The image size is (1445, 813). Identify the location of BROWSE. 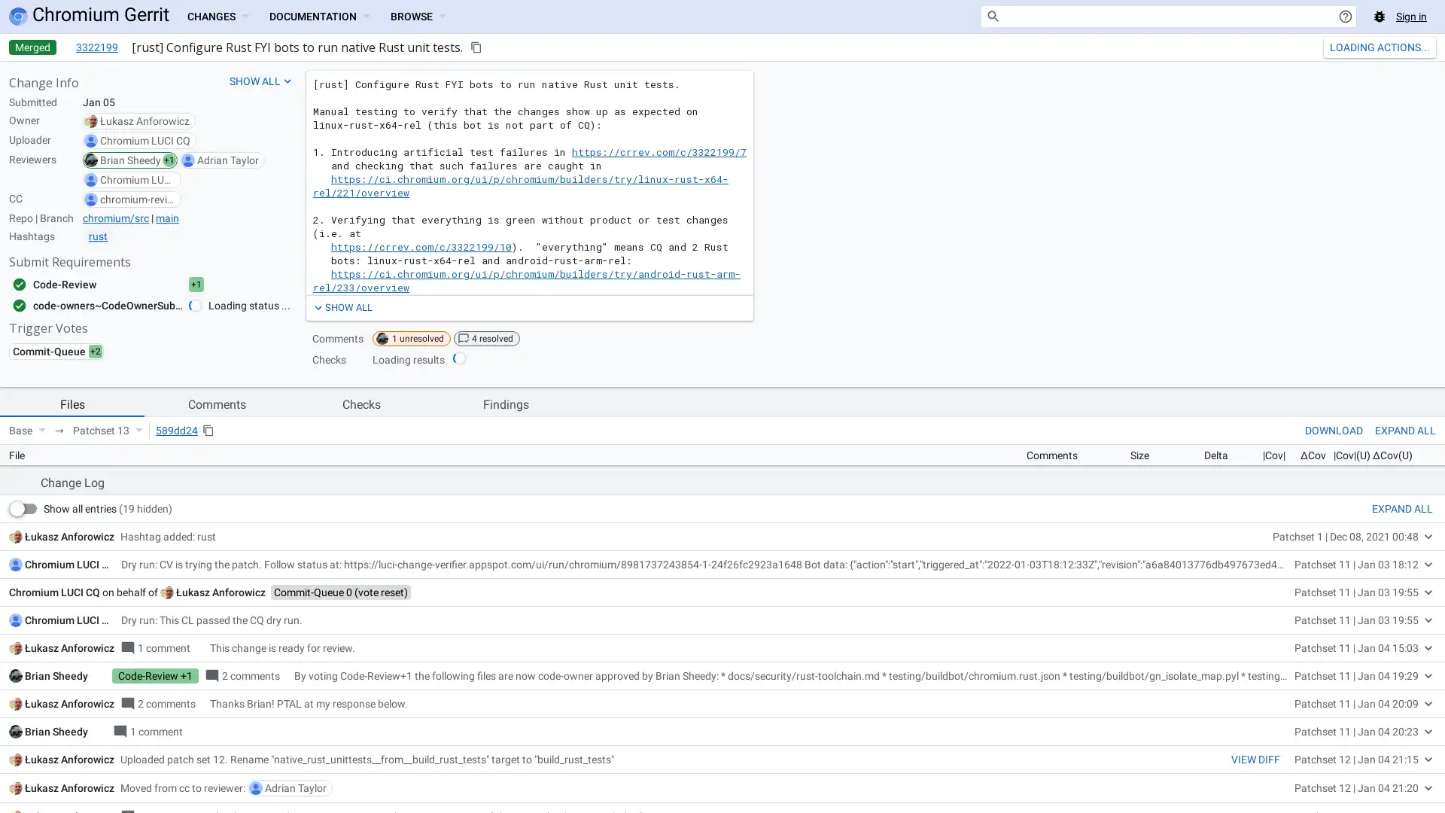
(418, 17).